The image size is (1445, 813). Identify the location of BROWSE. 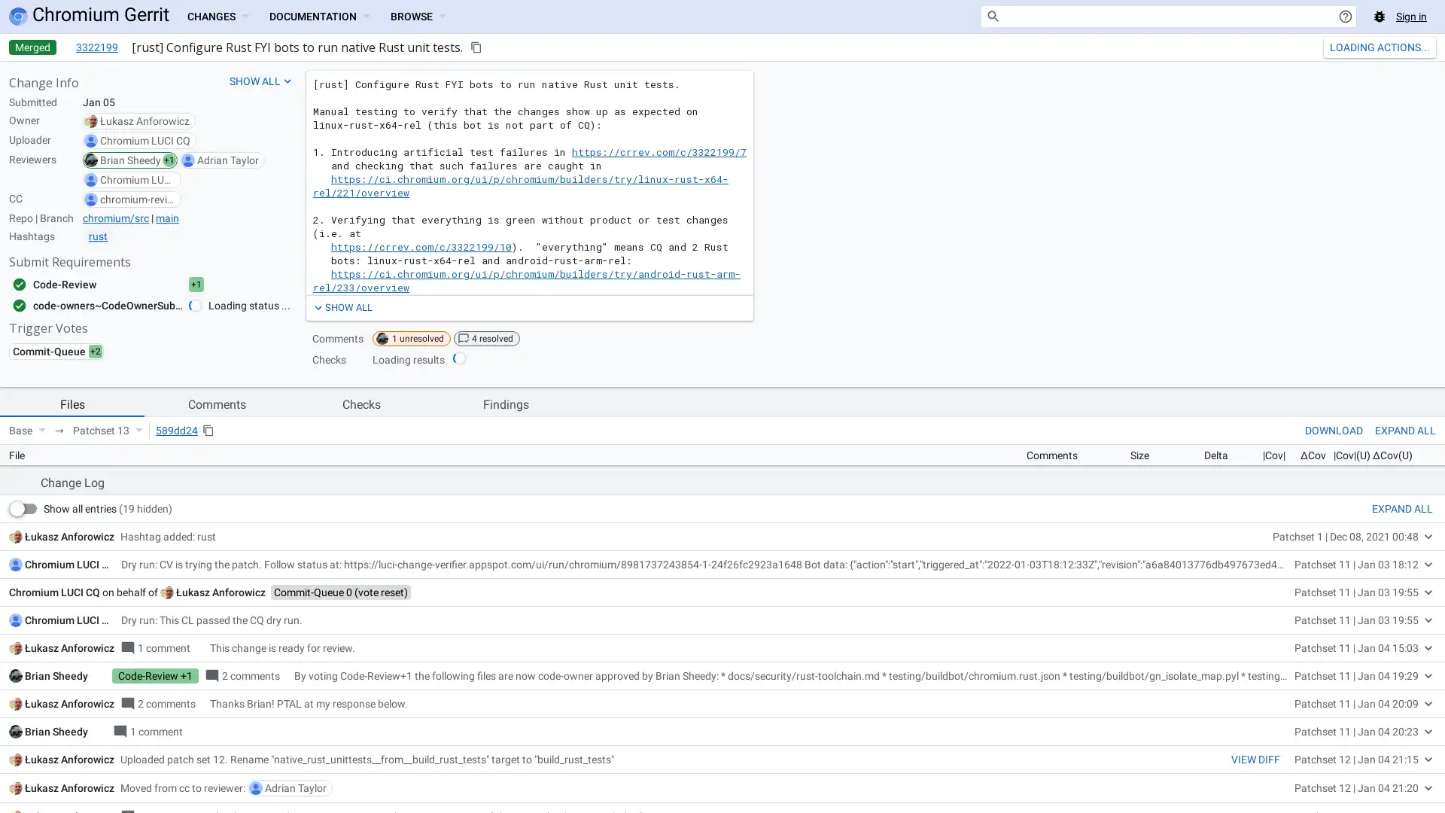
(418, 17).